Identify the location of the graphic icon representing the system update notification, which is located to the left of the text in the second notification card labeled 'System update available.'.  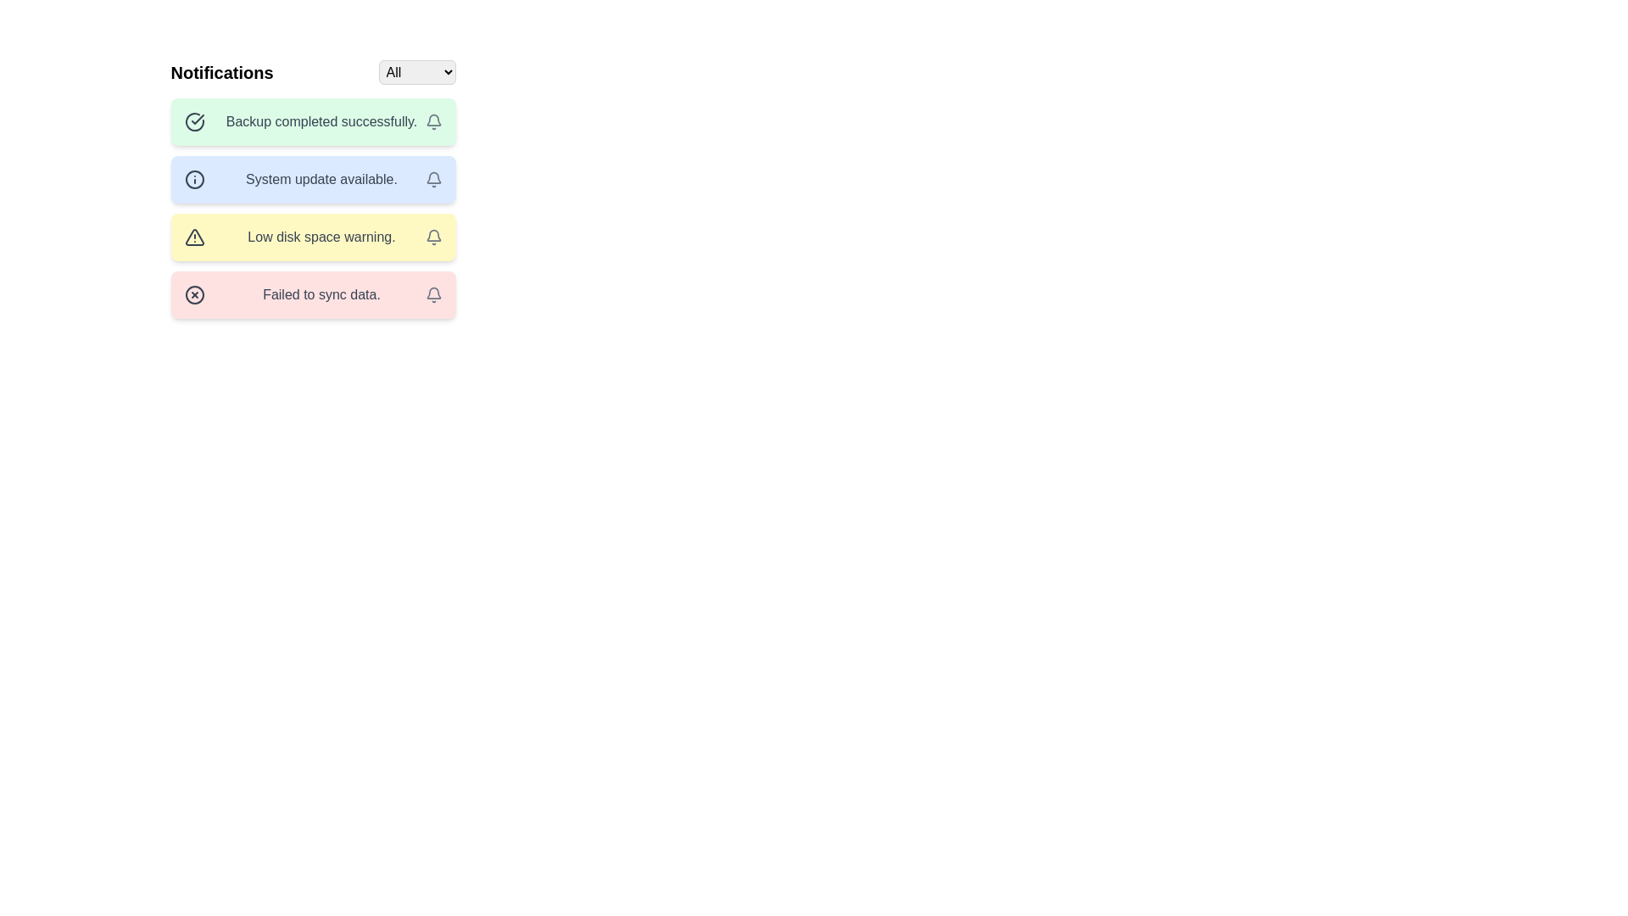
(194, 180).